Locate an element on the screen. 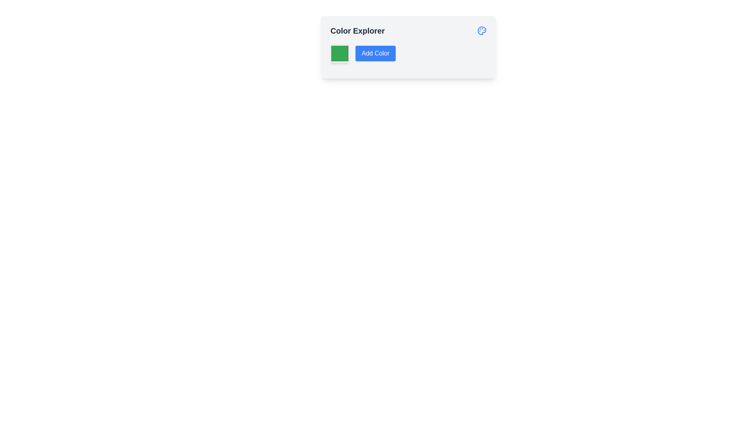  the artist's palette icon located in the top-right corner of the 'Color Explorer' header is located at coordinates (481, 30).